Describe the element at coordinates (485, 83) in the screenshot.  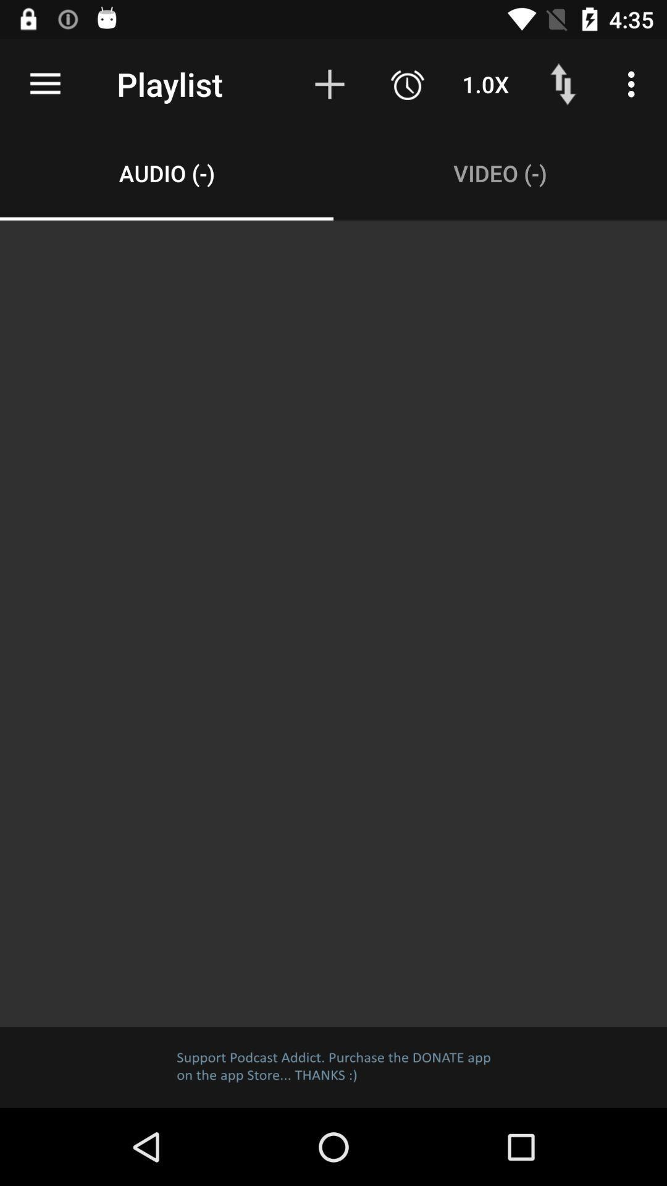
I see `the item above video (-)` at that location.